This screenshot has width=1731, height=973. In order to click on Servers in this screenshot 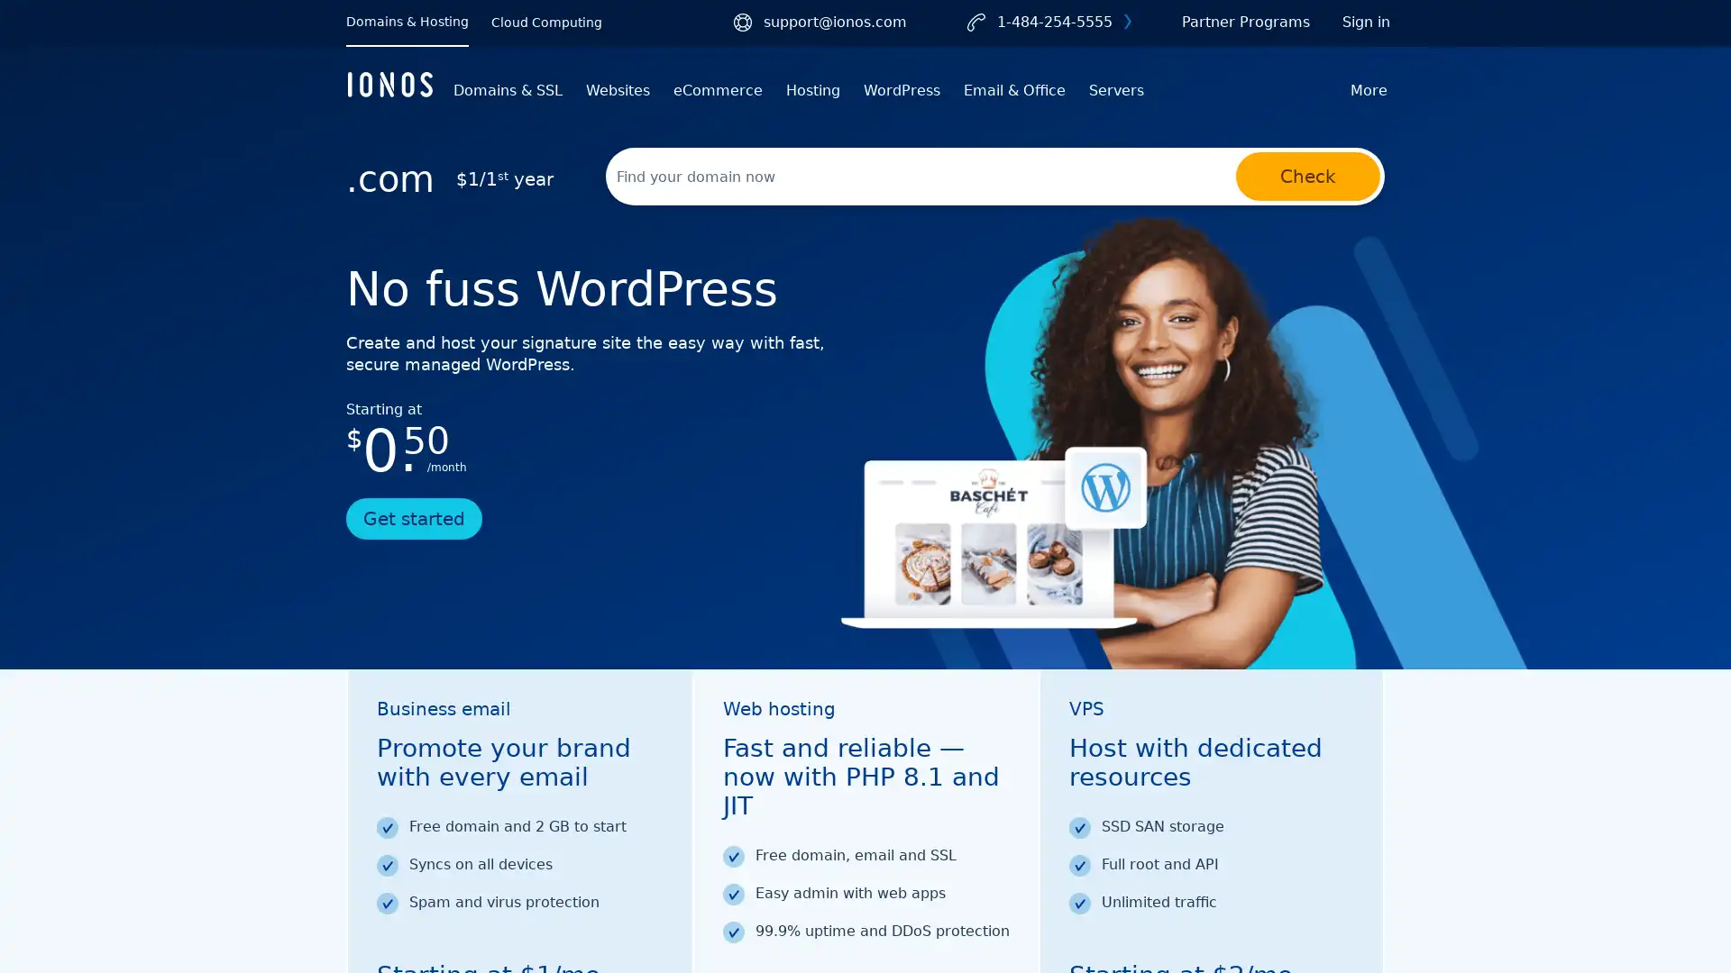, I will do `click(1090, 90)`.